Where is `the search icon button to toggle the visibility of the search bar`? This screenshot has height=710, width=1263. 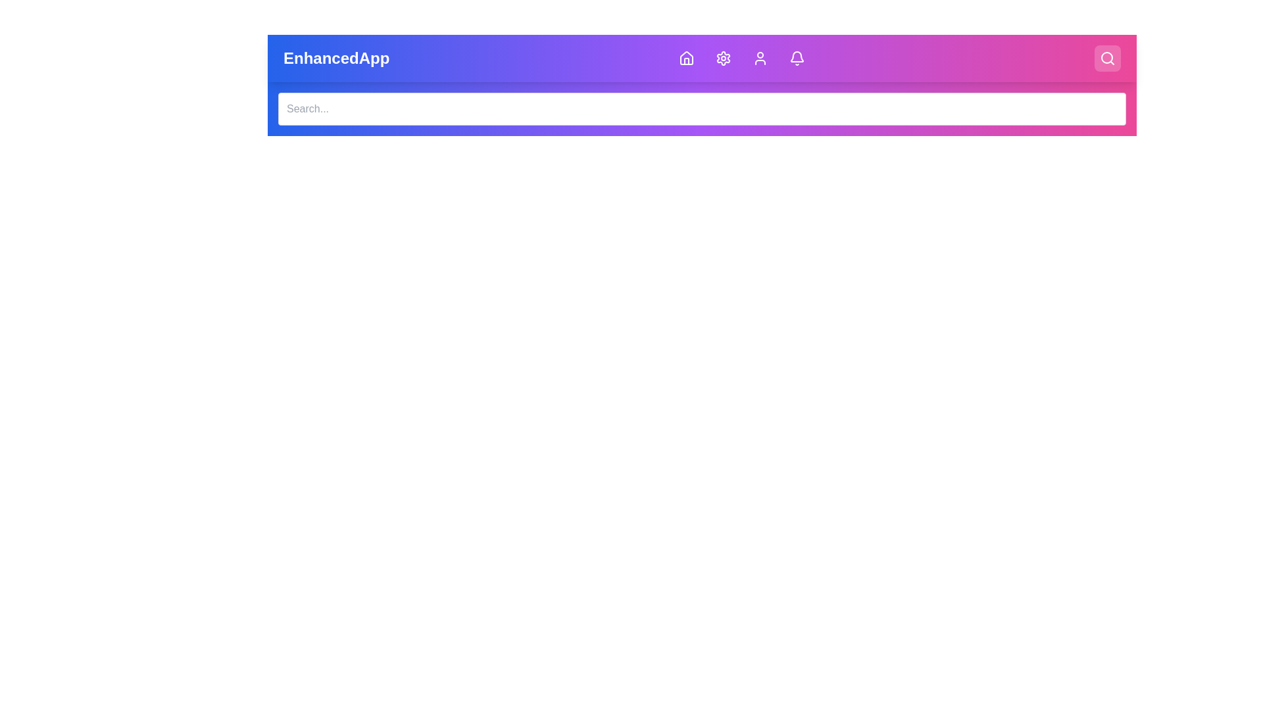
the search icon button to toggle the visibility of the search bar is located at coordinates (1107, 57).